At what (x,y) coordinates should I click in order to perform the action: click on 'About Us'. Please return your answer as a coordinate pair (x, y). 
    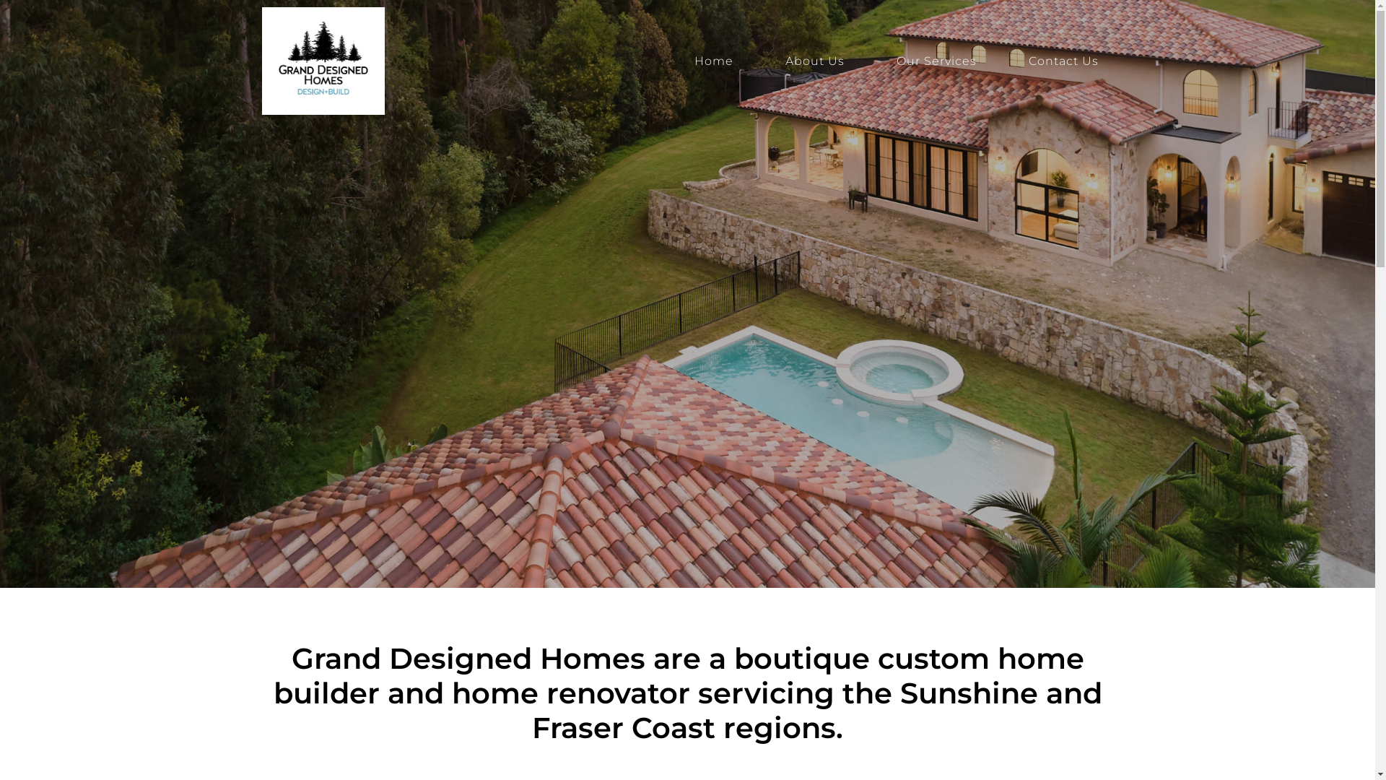
    Looking at the image, I should click on (814, 60).